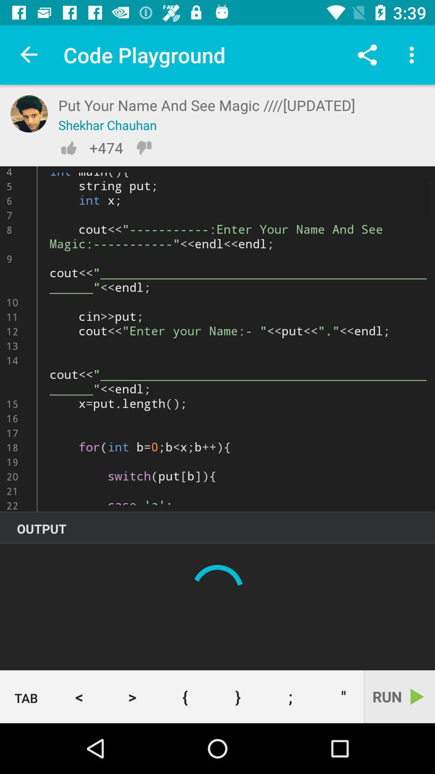 This screenshot has width=435, height=774. What do you see at coordinates (68, 148) in the screenshot?
I see `the thumbs_up icon` at bounding box center [68, 148].